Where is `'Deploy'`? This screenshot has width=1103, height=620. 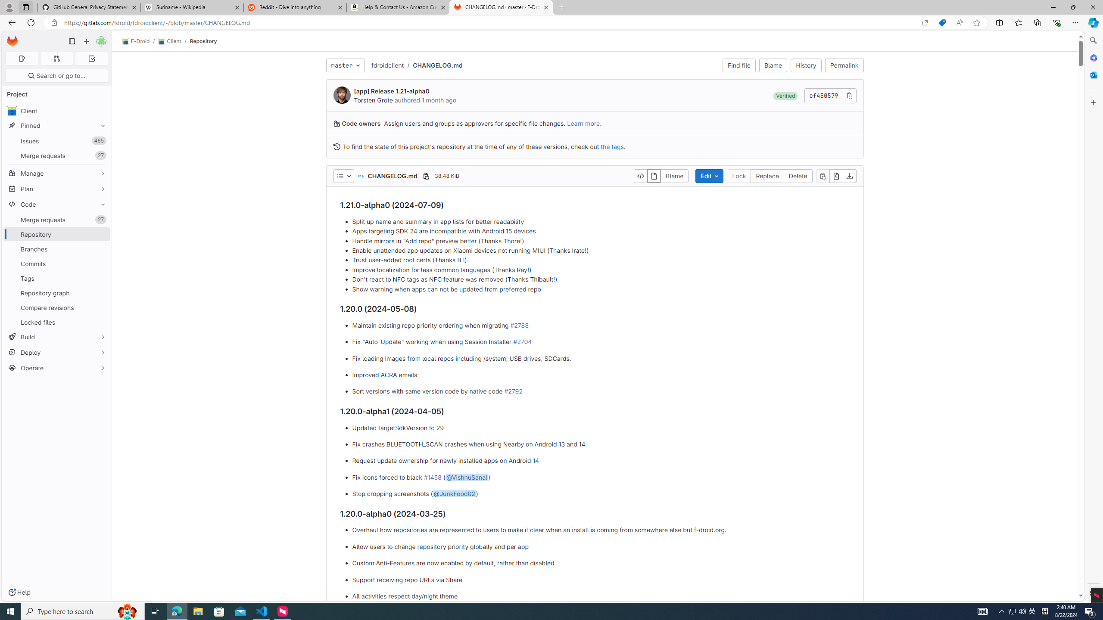 'Deploy' is located at coordinates (56, 352).